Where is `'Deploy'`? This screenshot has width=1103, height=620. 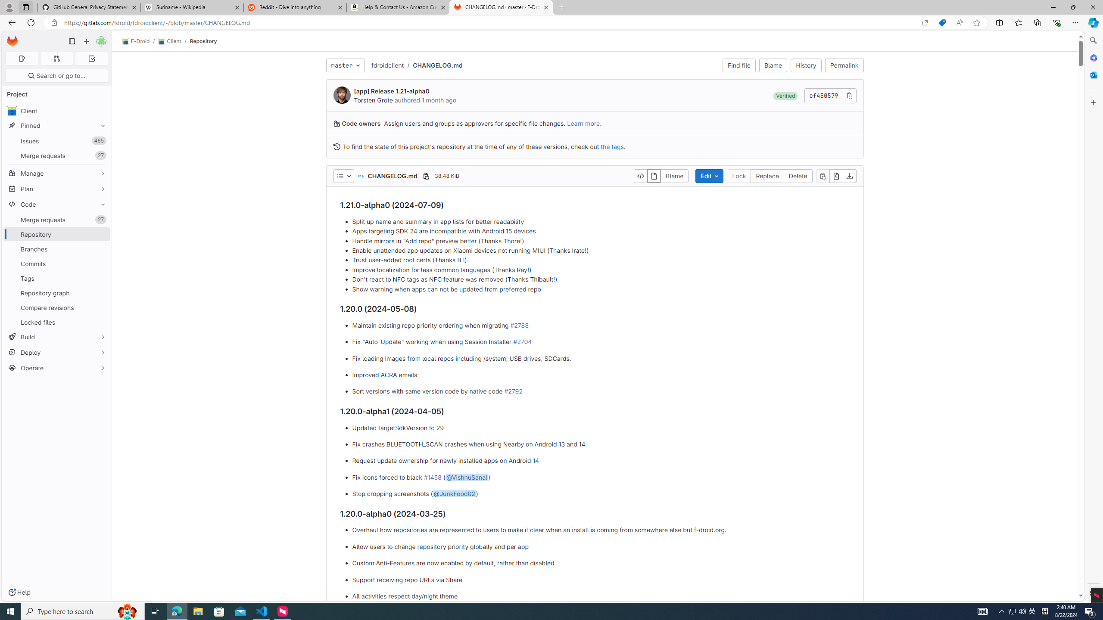 'Deploy' is located at coordinates (56, 352).